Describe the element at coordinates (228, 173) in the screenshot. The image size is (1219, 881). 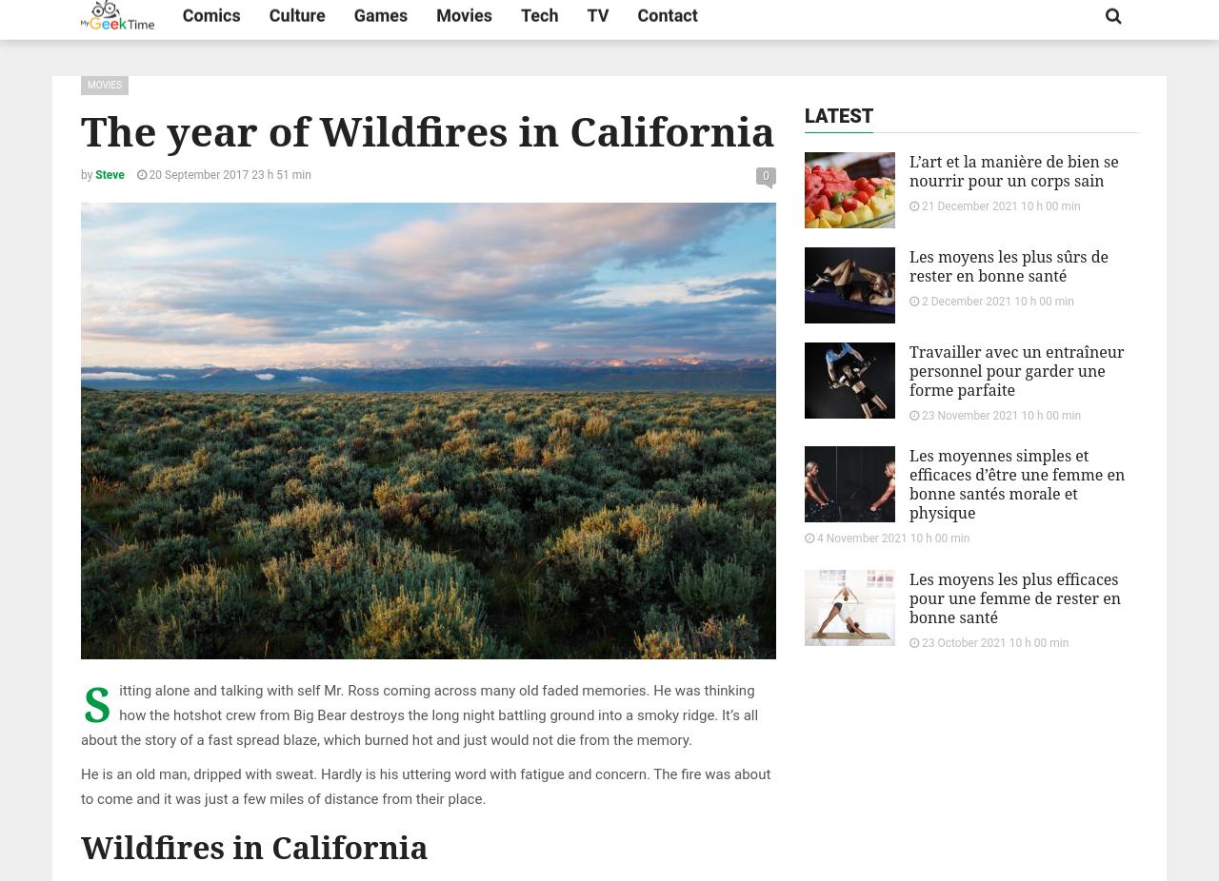
I see `'20 September 2017 23 h 51 min'` at that location.